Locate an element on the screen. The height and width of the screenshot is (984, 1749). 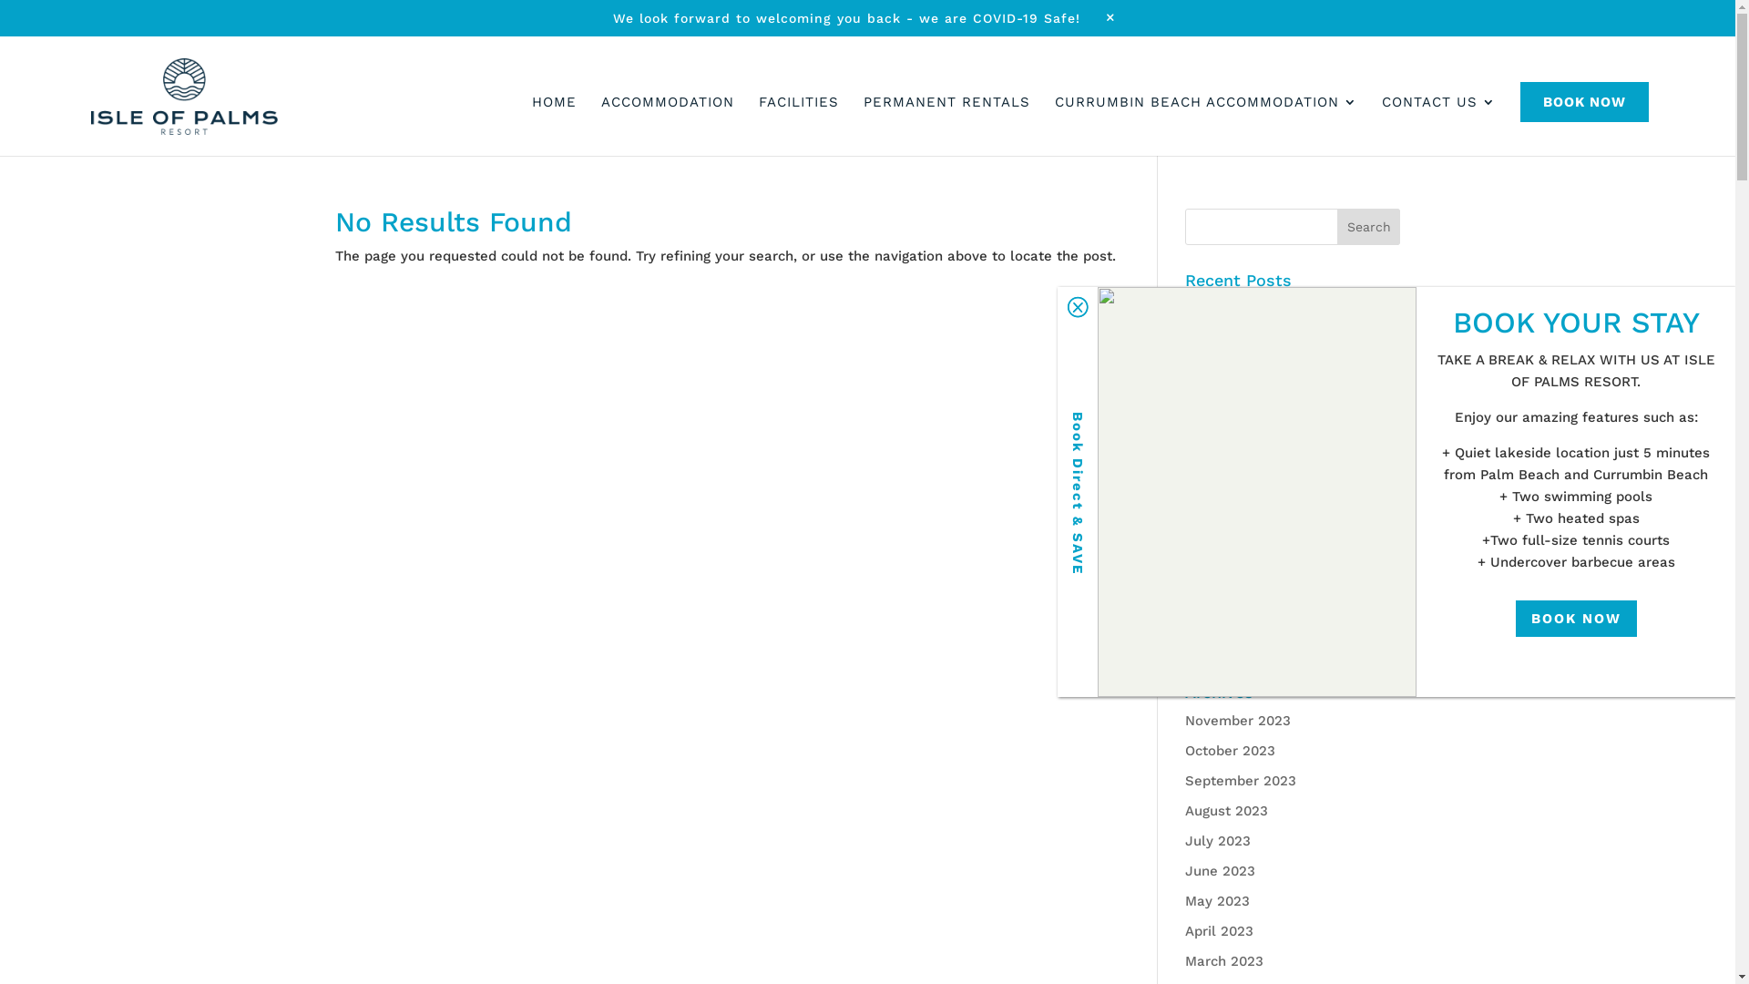
'BOOK NOW' is located at coordinates (1575, 617).